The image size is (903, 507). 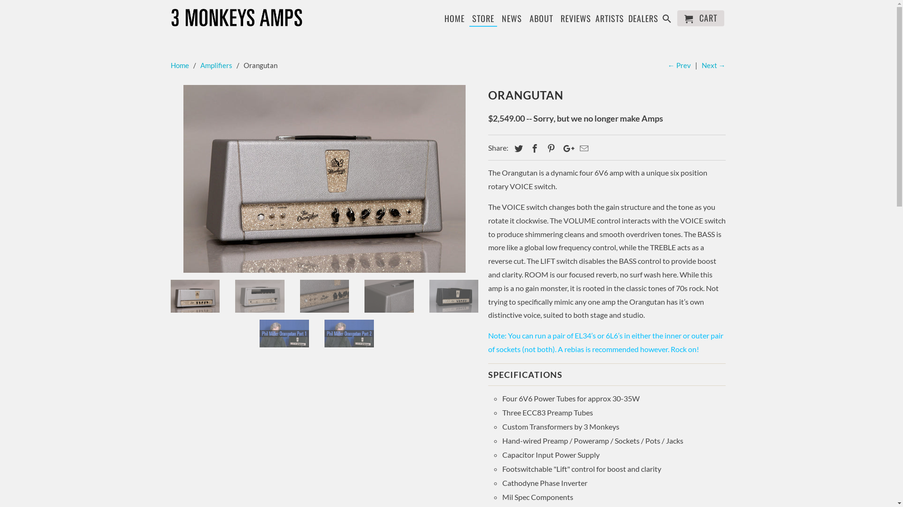 I want to click on 'Share this on Pinterest', so click(x=550, y=148).